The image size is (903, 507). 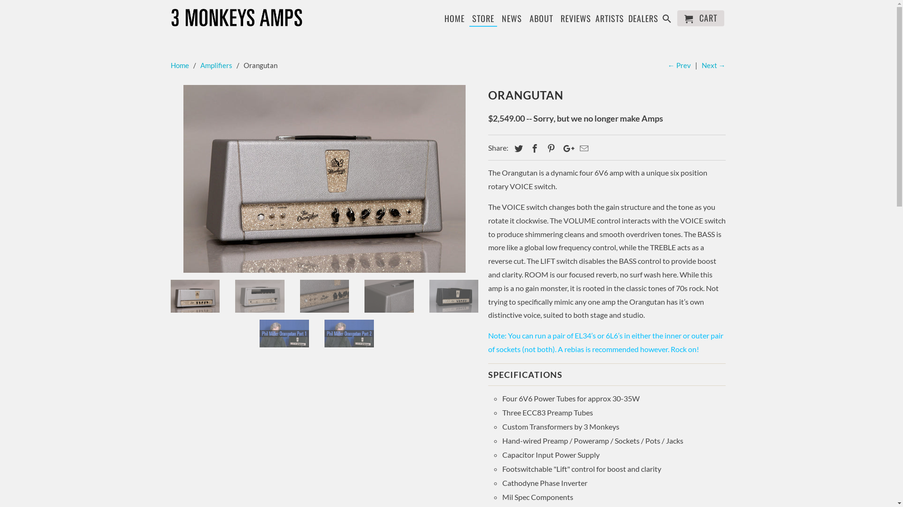 I want to click on 'Share this on Pinterest', so click(x=550, y=148).